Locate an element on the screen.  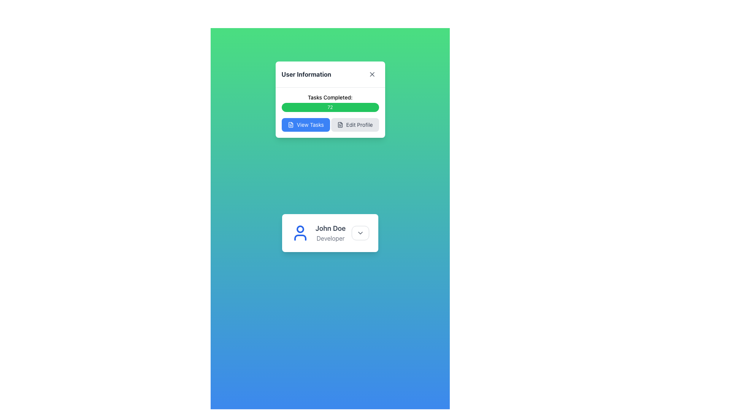
the document icon within the blue 'View Tasks' button located below the 'Tasks Completed' progress bar in the 'User Information' dialog box is located at coordinates (290, 124).